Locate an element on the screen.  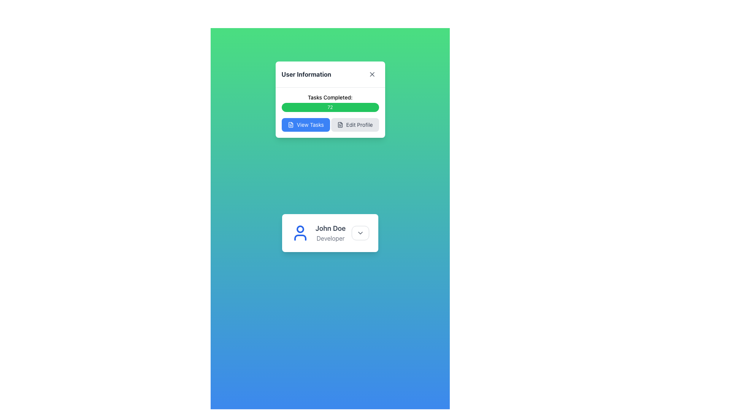
the document icon within the blue 'View Tasks' button located below the 'Tasks Completed' progress bar in the 'User Information' dialog box is located at coordinates (290, 124).